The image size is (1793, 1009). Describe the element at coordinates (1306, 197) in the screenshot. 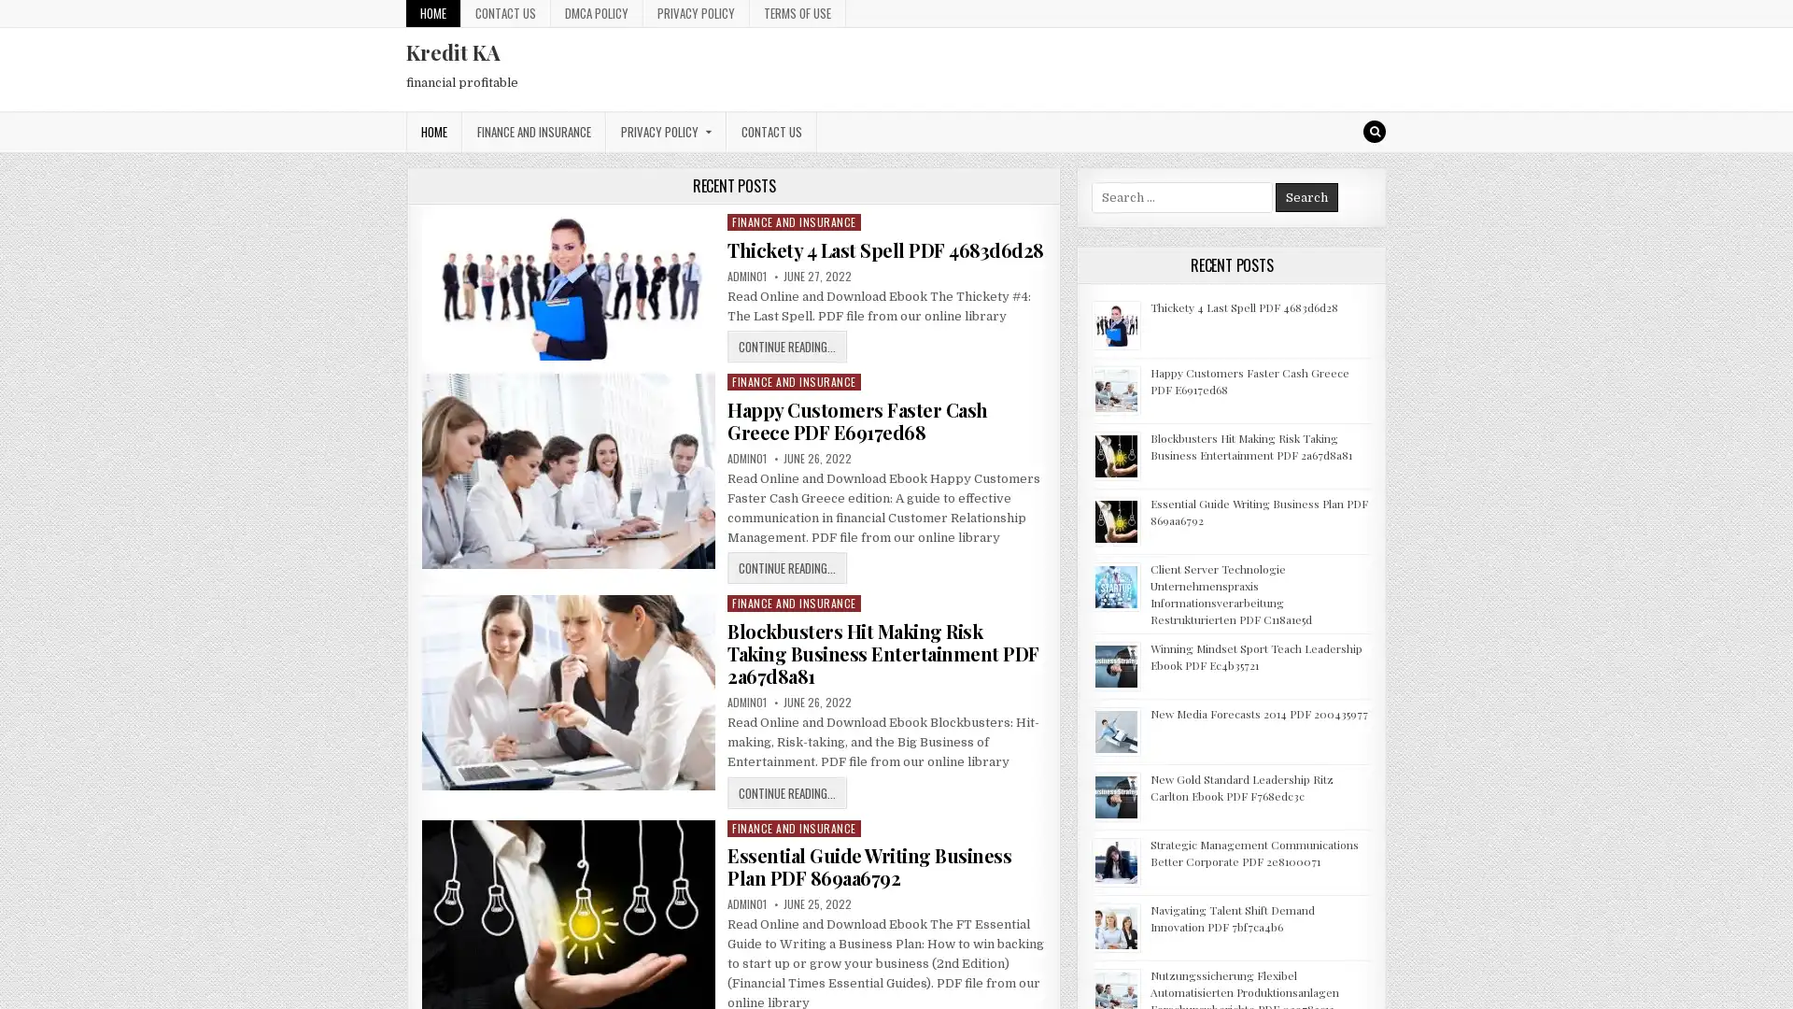

I see `Search` at that location.